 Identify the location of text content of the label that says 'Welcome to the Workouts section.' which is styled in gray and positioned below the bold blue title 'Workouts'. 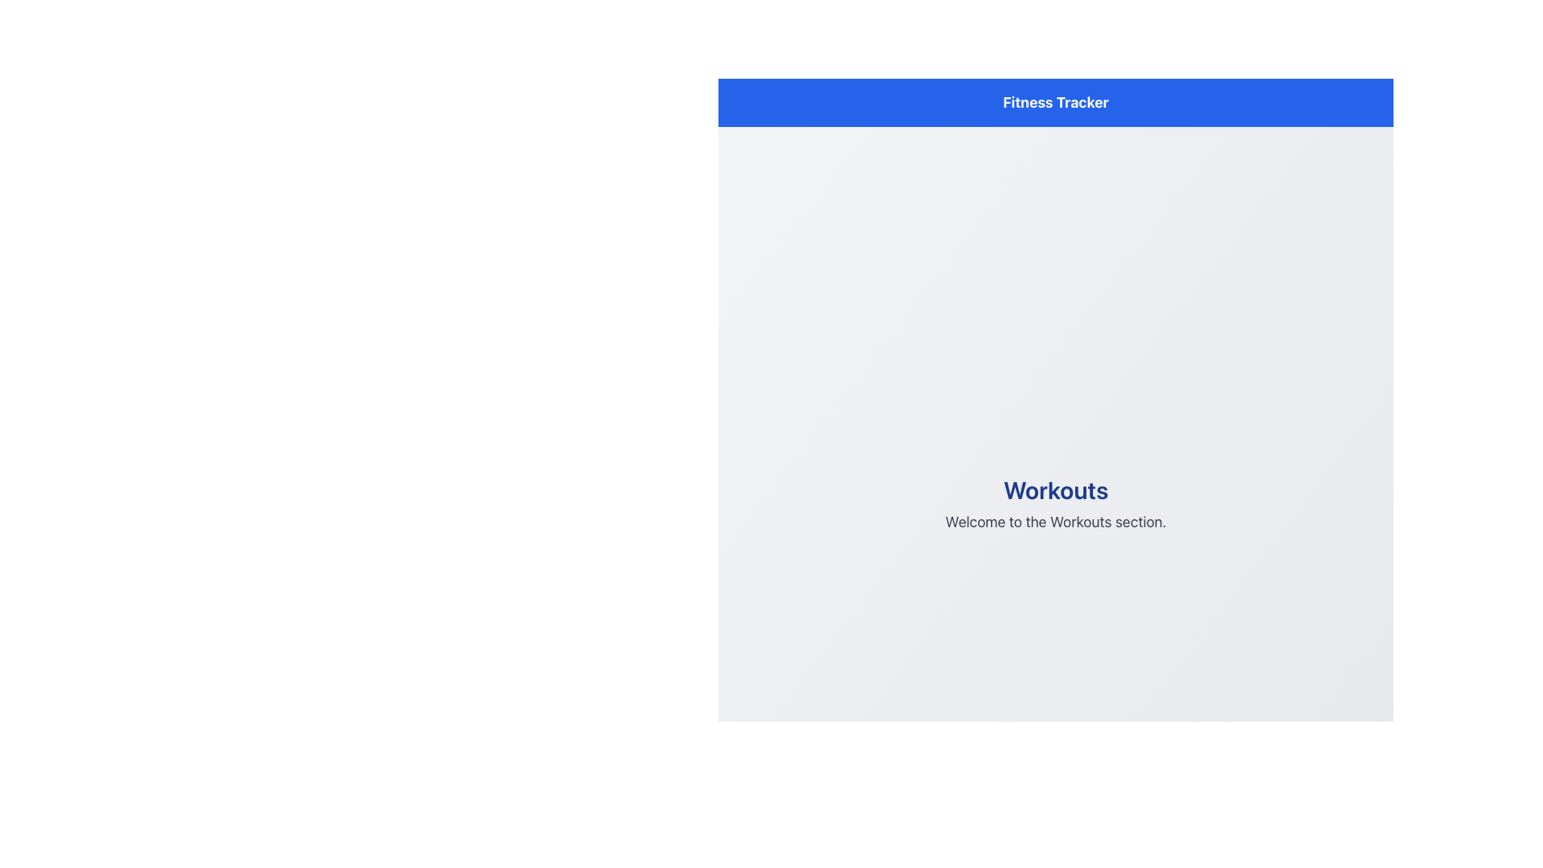
(1056, 522).